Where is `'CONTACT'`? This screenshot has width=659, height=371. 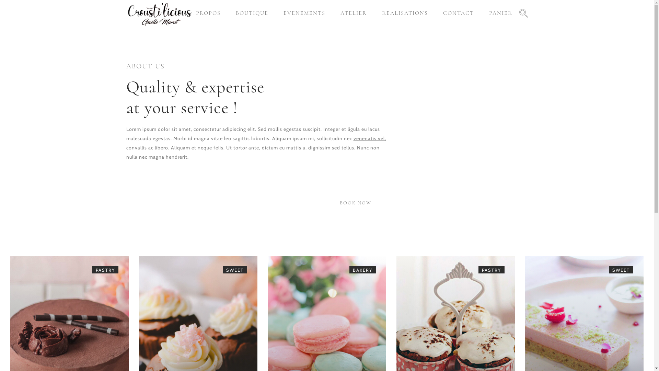 'CONTACT' is located at coordinates (458, 13).